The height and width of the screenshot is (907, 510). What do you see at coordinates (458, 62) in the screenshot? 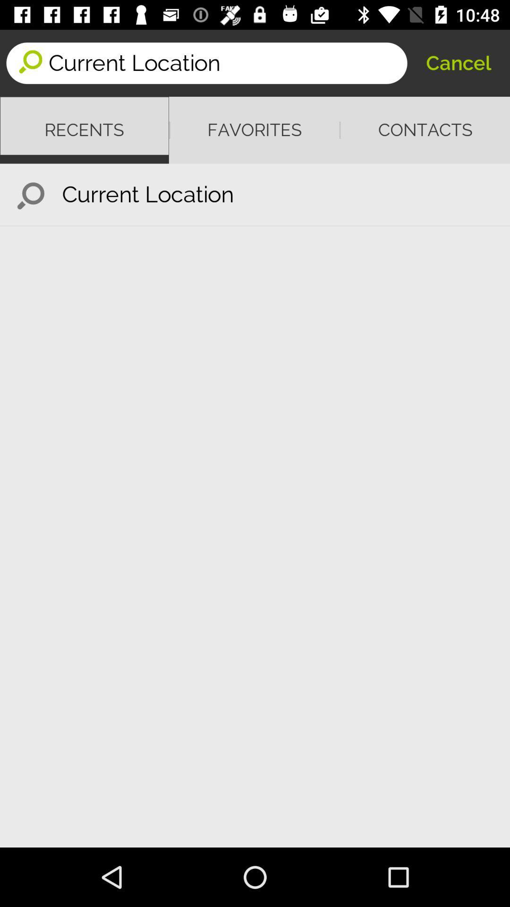
I see `cancel` at bounding box center [458, 62].